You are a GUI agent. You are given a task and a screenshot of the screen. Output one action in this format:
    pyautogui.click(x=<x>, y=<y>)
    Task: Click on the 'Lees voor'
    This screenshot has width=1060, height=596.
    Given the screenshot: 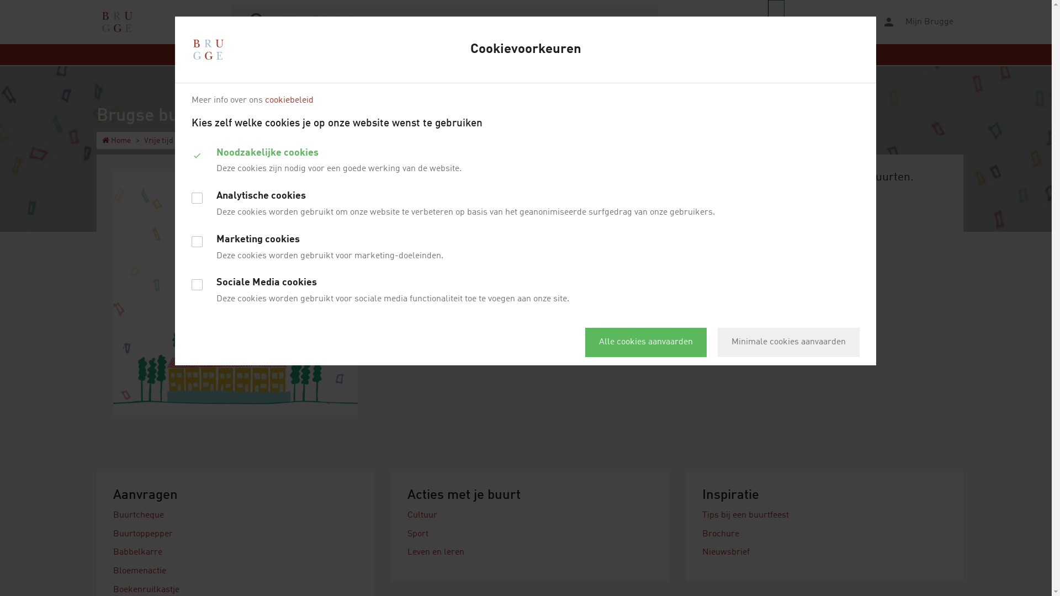 What is the action you would take?
    pyautogui.click(x=818, y=22)
    